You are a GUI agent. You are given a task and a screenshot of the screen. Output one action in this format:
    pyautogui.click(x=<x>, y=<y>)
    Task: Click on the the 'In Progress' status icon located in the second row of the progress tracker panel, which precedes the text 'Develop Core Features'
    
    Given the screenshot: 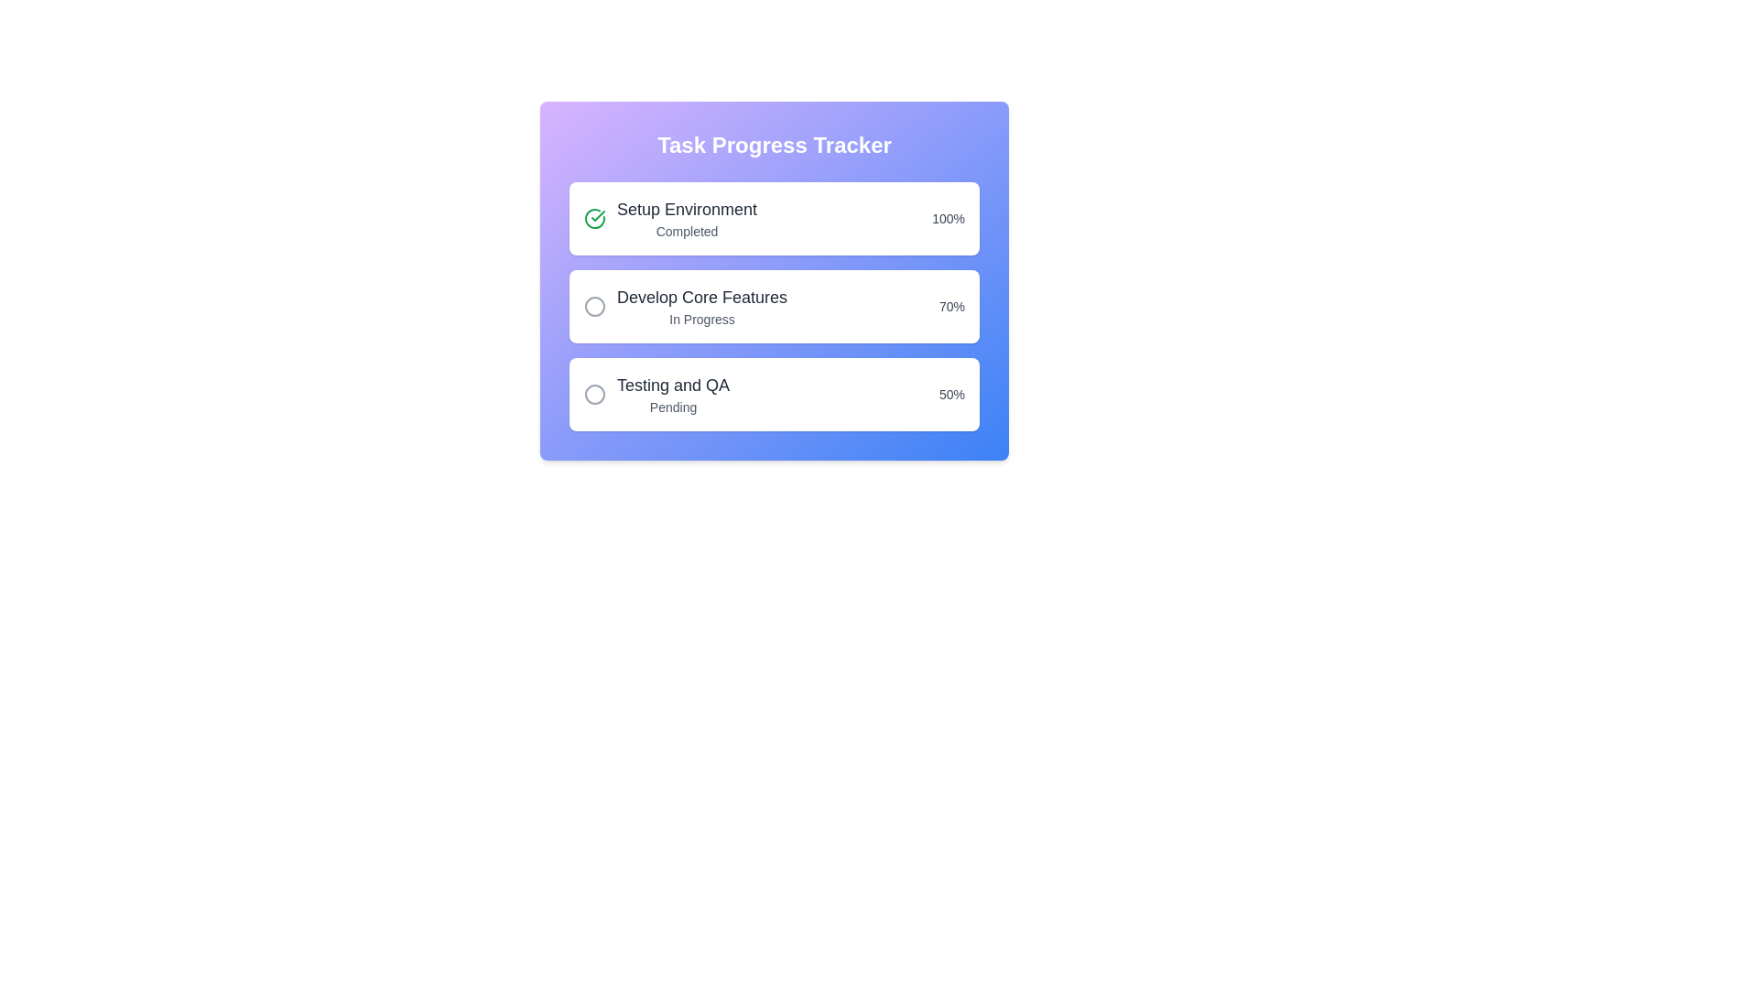 What is the action you would take?
    pyautogui.click(x=594, y=306)
    